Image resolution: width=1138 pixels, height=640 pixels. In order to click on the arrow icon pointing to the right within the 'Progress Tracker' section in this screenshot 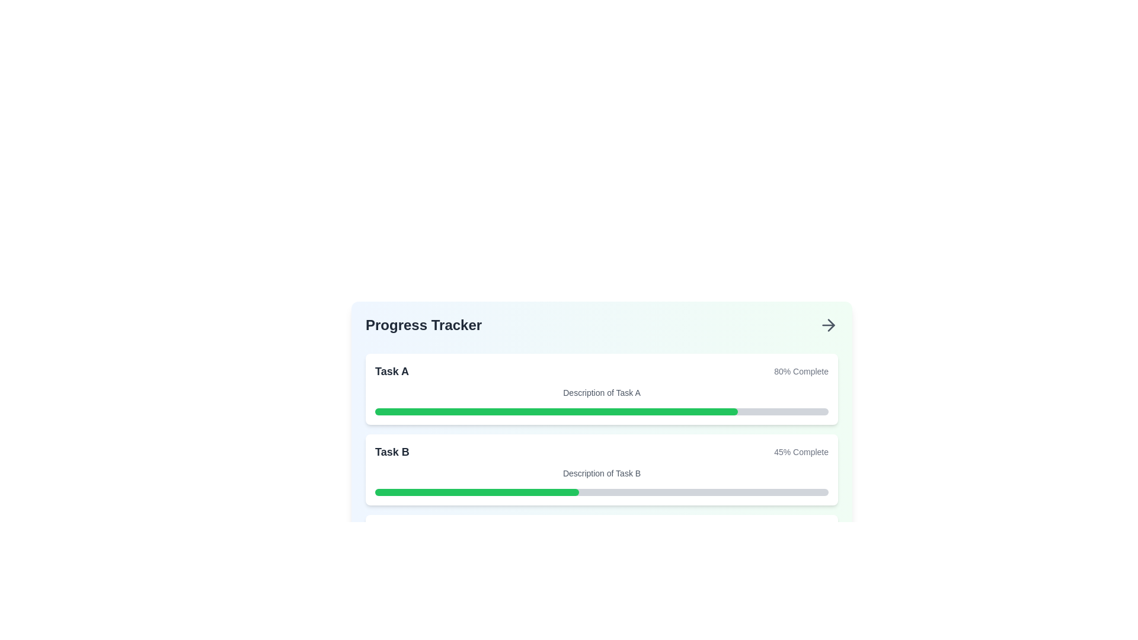, I will do `click(827, 325)`.